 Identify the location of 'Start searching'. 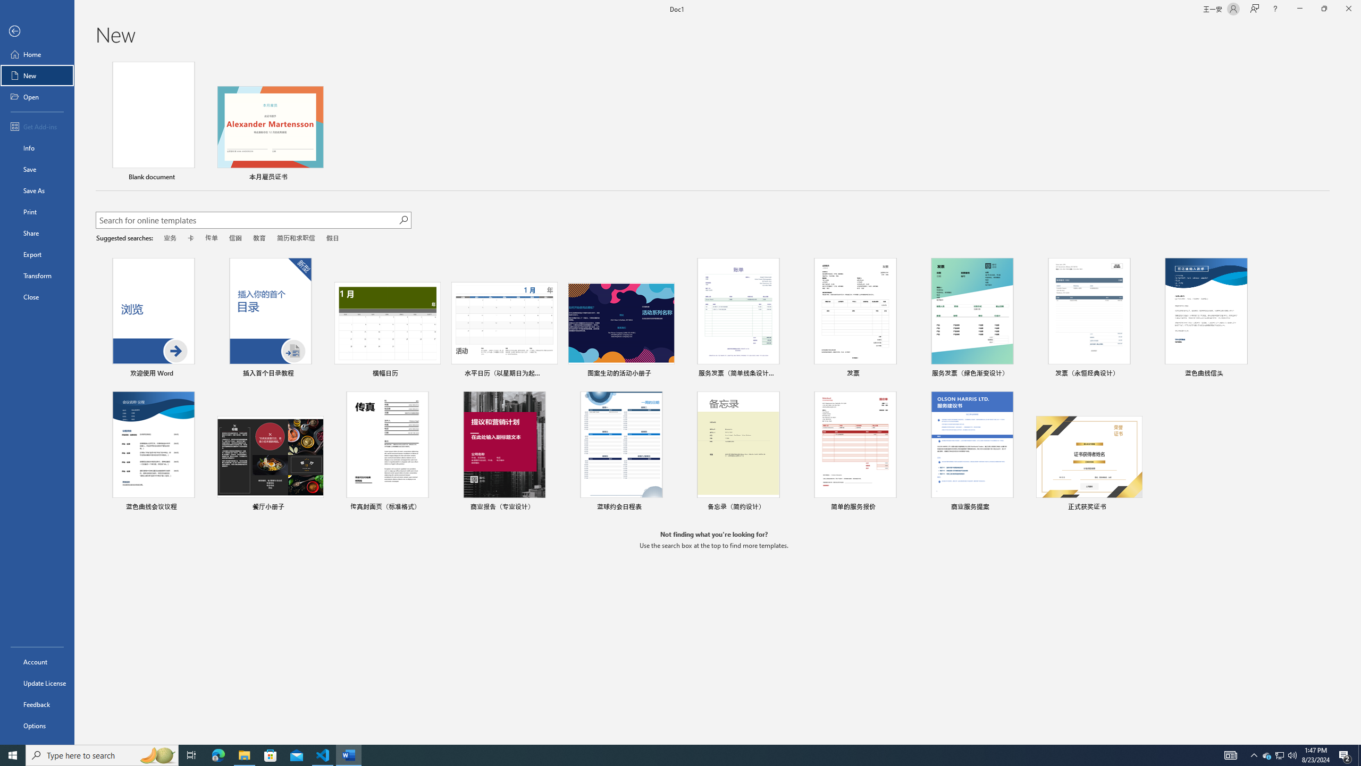
(403, 220).